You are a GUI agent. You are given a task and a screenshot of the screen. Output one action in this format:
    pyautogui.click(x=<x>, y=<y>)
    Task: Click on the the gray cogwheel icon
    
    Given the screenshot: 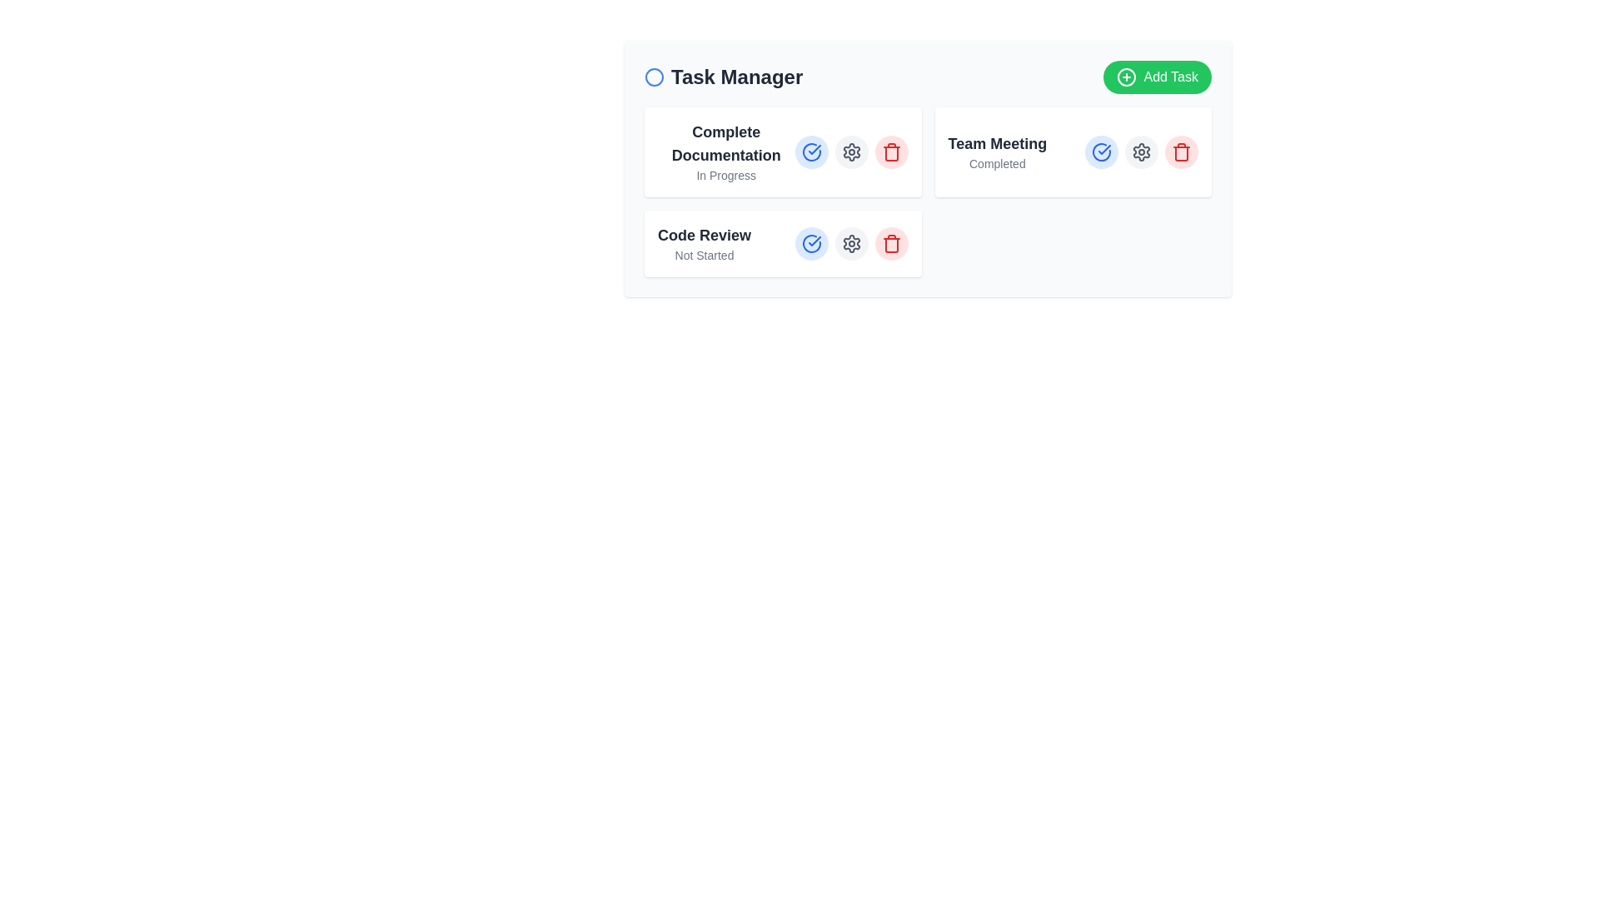 What is the action you would take?
    pyautogui.click(x=851, y=151)
    